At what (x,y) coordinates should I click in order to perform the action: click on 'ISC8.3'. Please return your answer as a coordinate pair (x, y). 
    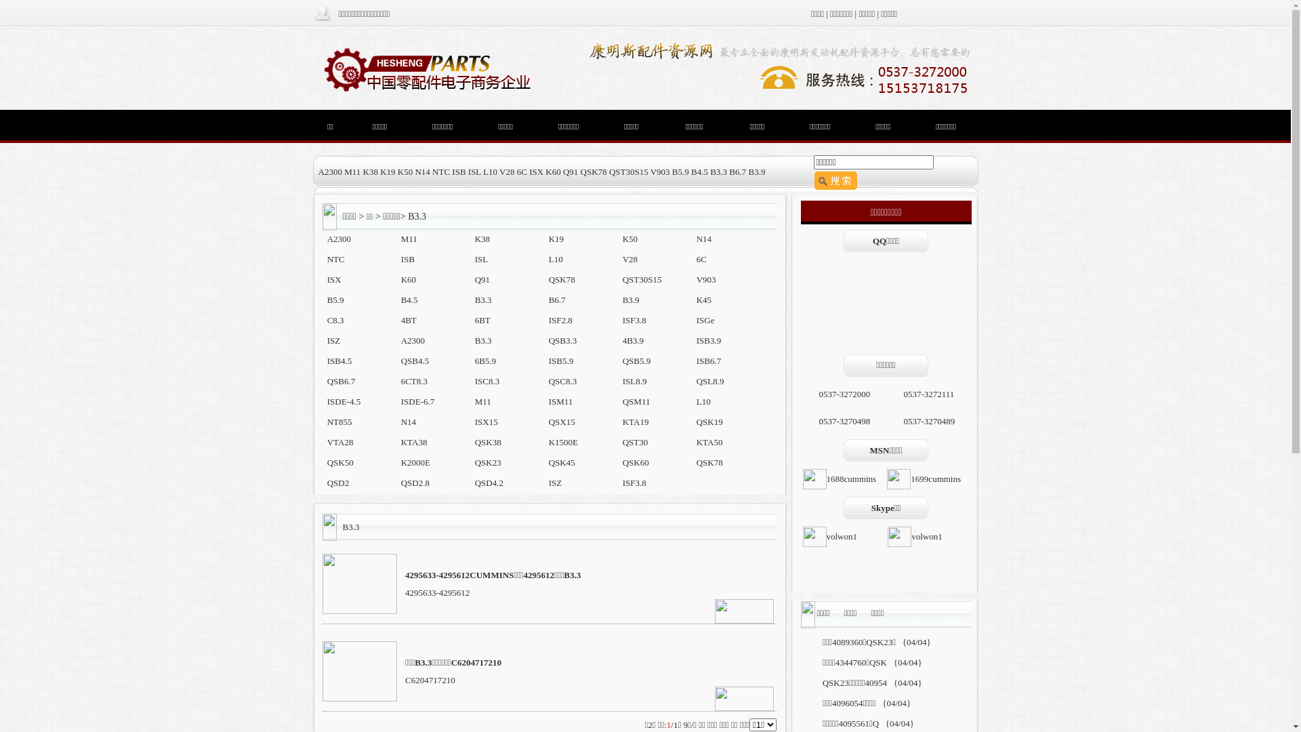
    Looking at the image, I should click on (487, 381).